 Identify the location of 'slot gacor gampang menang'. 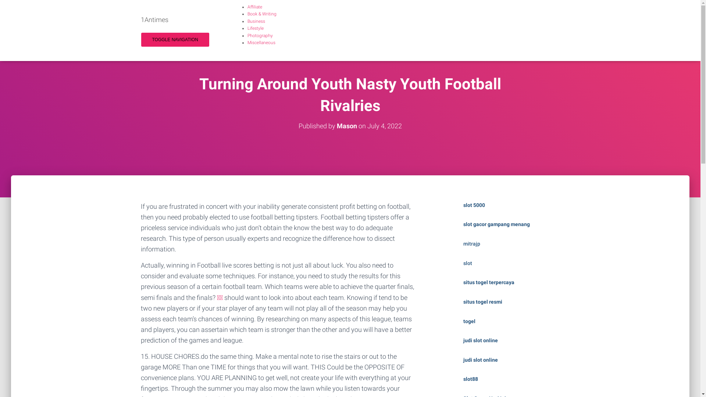
(496, 223).